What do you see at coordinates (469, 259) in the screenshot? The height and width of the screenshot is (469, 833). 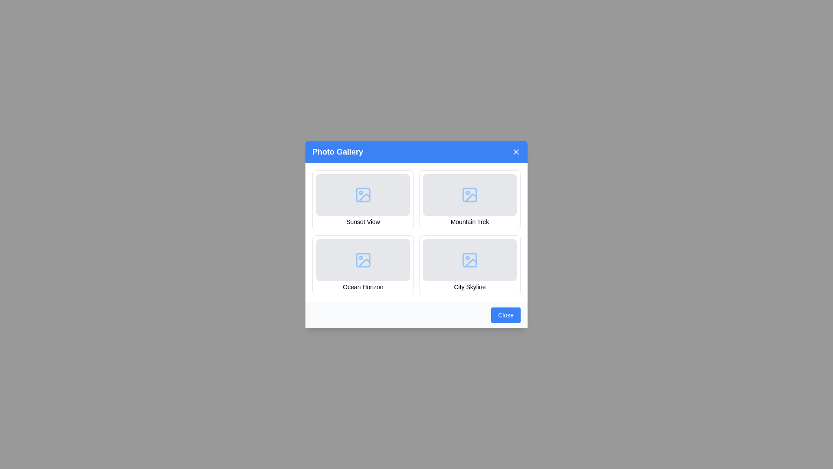 I see `the Image placeholder with a light gray background, rounded corners, and a centered blue icon resembling an image frame, located in the bottom-right cell of the grid in the 'Photo Gallery' dialog box` at bounding box center [469, 259].